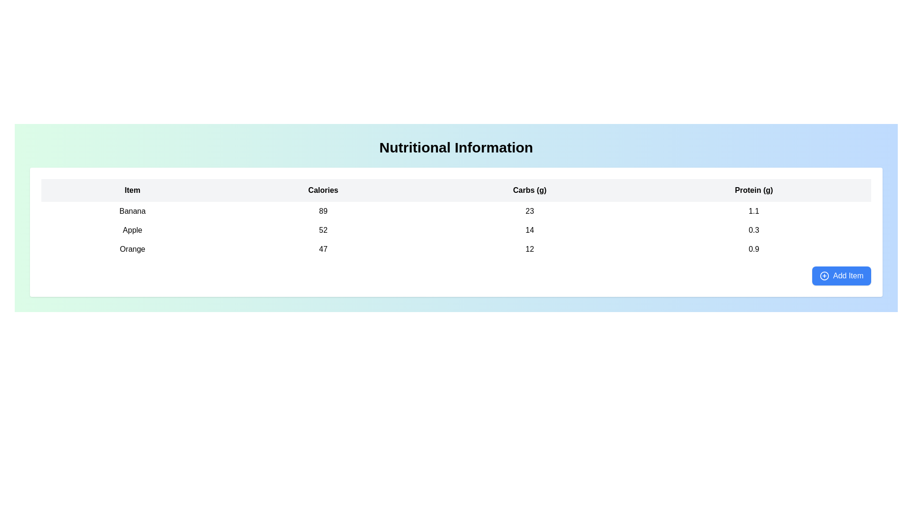 This screenshot has width=913, height=513. What do you see at coordinates (529, 210) in the screenshot?
I see `the static text displaying the carbohydrate content for the 'Banana' row in the table under the 'Nutritional Information' heading` at bounding box center [529, 210].